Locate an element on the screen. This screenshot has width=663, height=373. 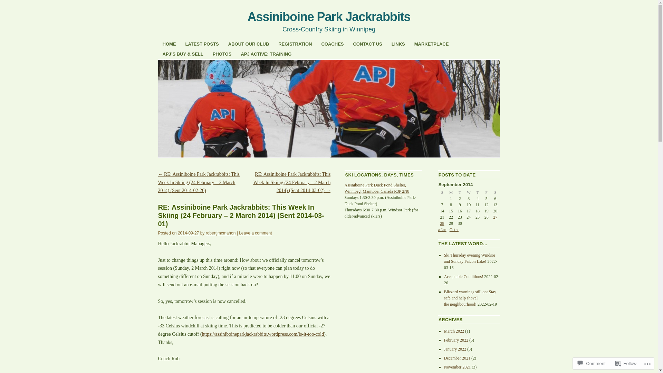
'HOME' is located at coordinates (157, 44).